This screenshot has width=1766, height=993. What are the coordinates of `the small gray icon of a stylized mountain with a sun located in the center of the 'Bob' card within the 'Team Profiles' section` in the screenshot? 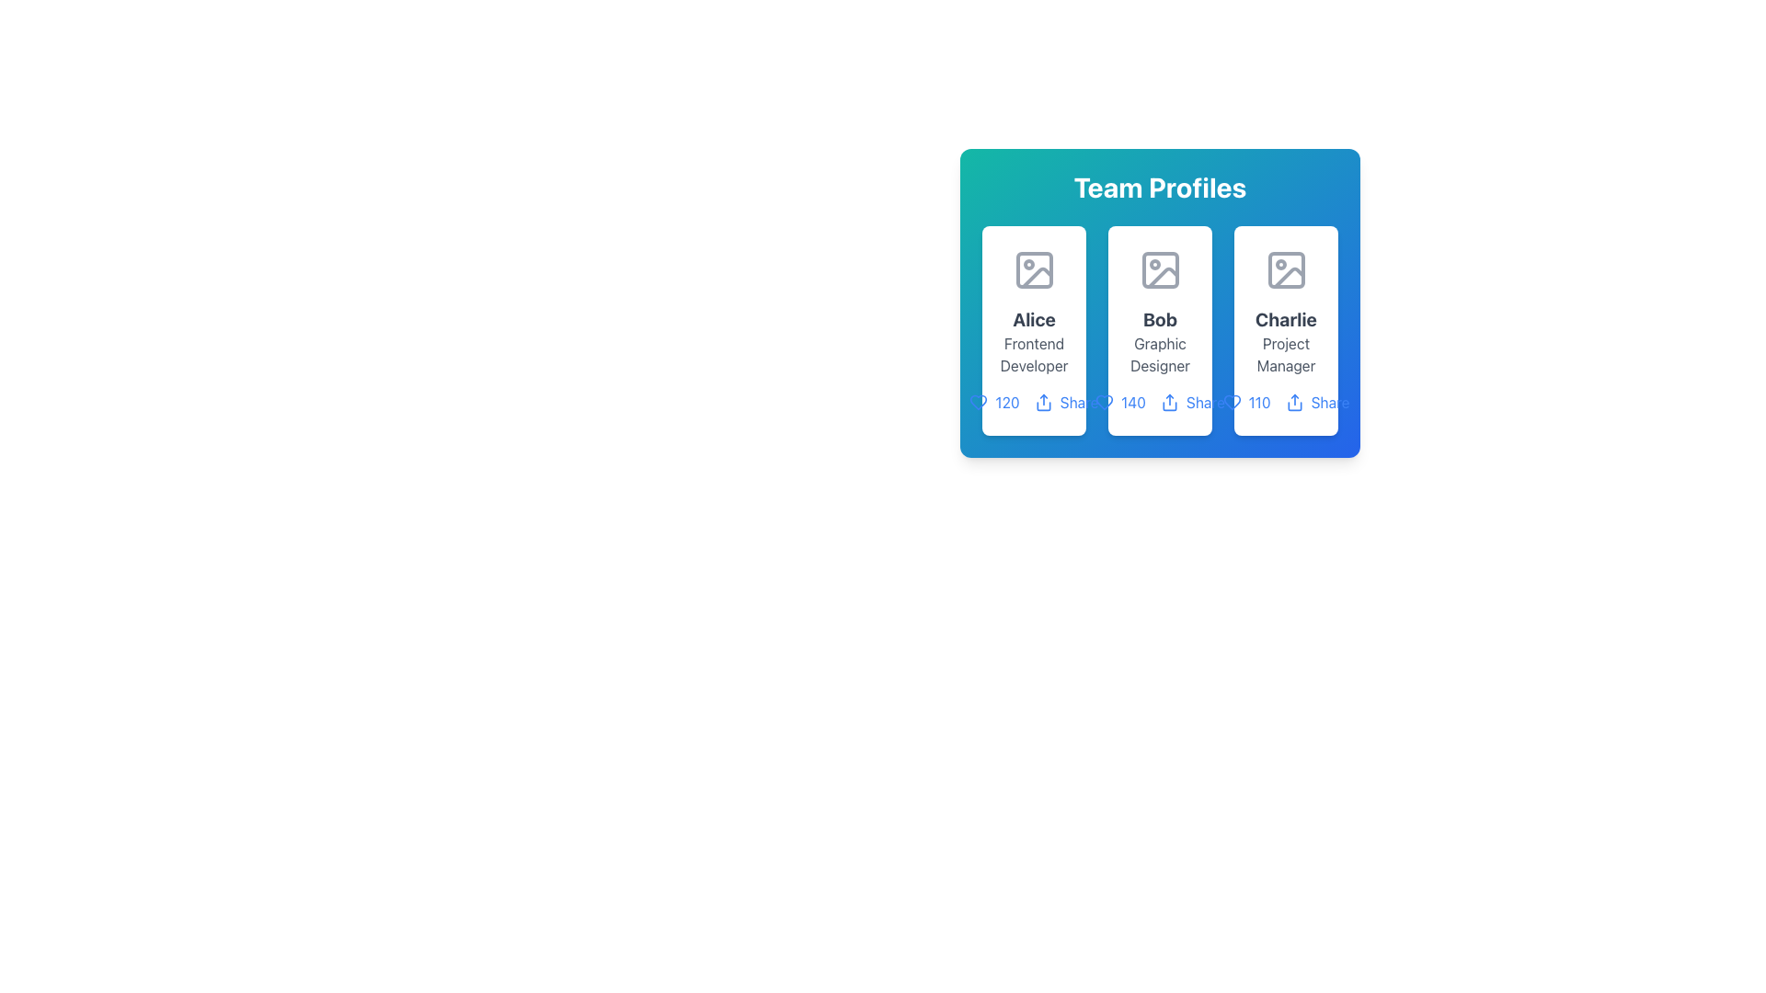 It's located at (1162, 278).